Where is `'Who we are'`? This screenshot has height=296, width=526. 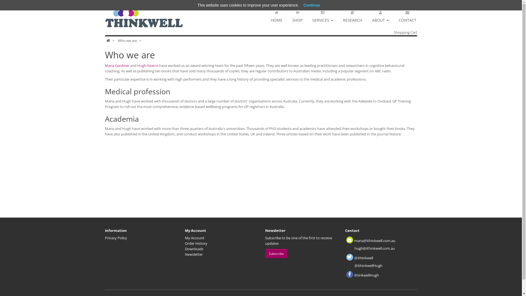 'Who we are' is located at coordinates (127, 40).